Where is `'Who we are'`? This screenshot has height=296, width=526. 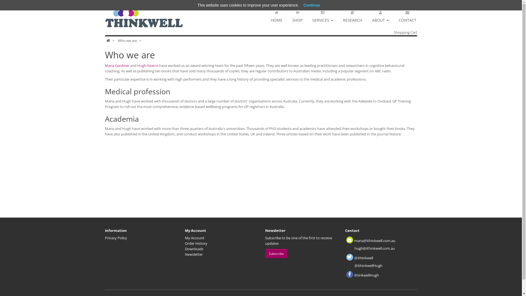 'Who we are' is located at coordinates (127, 40).